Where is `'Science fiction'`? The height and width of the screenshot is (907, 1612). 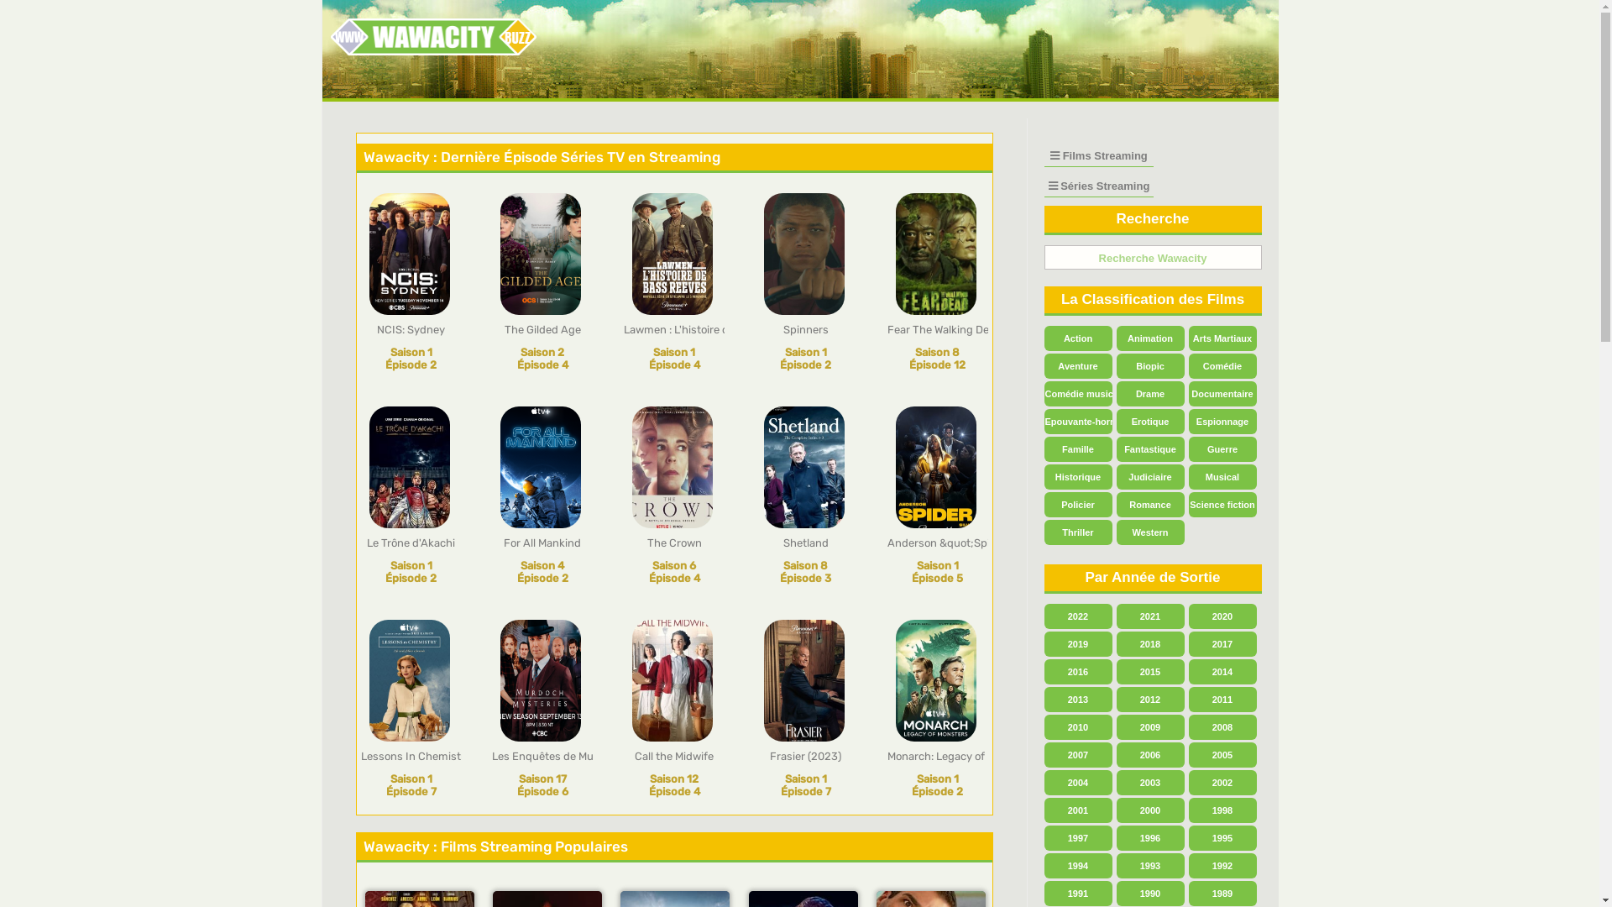 'Science fiction' is located at coordinates (1188, 504).